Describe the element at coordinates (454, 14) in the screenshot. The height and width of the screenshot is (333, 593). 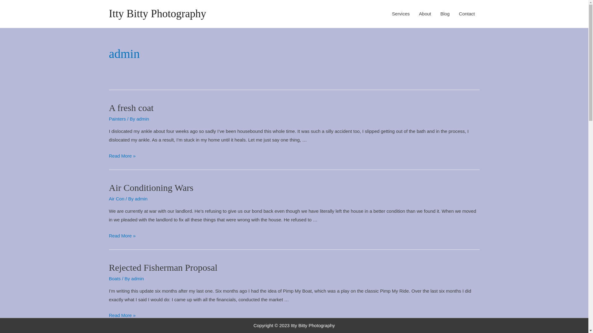
I see `'Contact'` at that location.